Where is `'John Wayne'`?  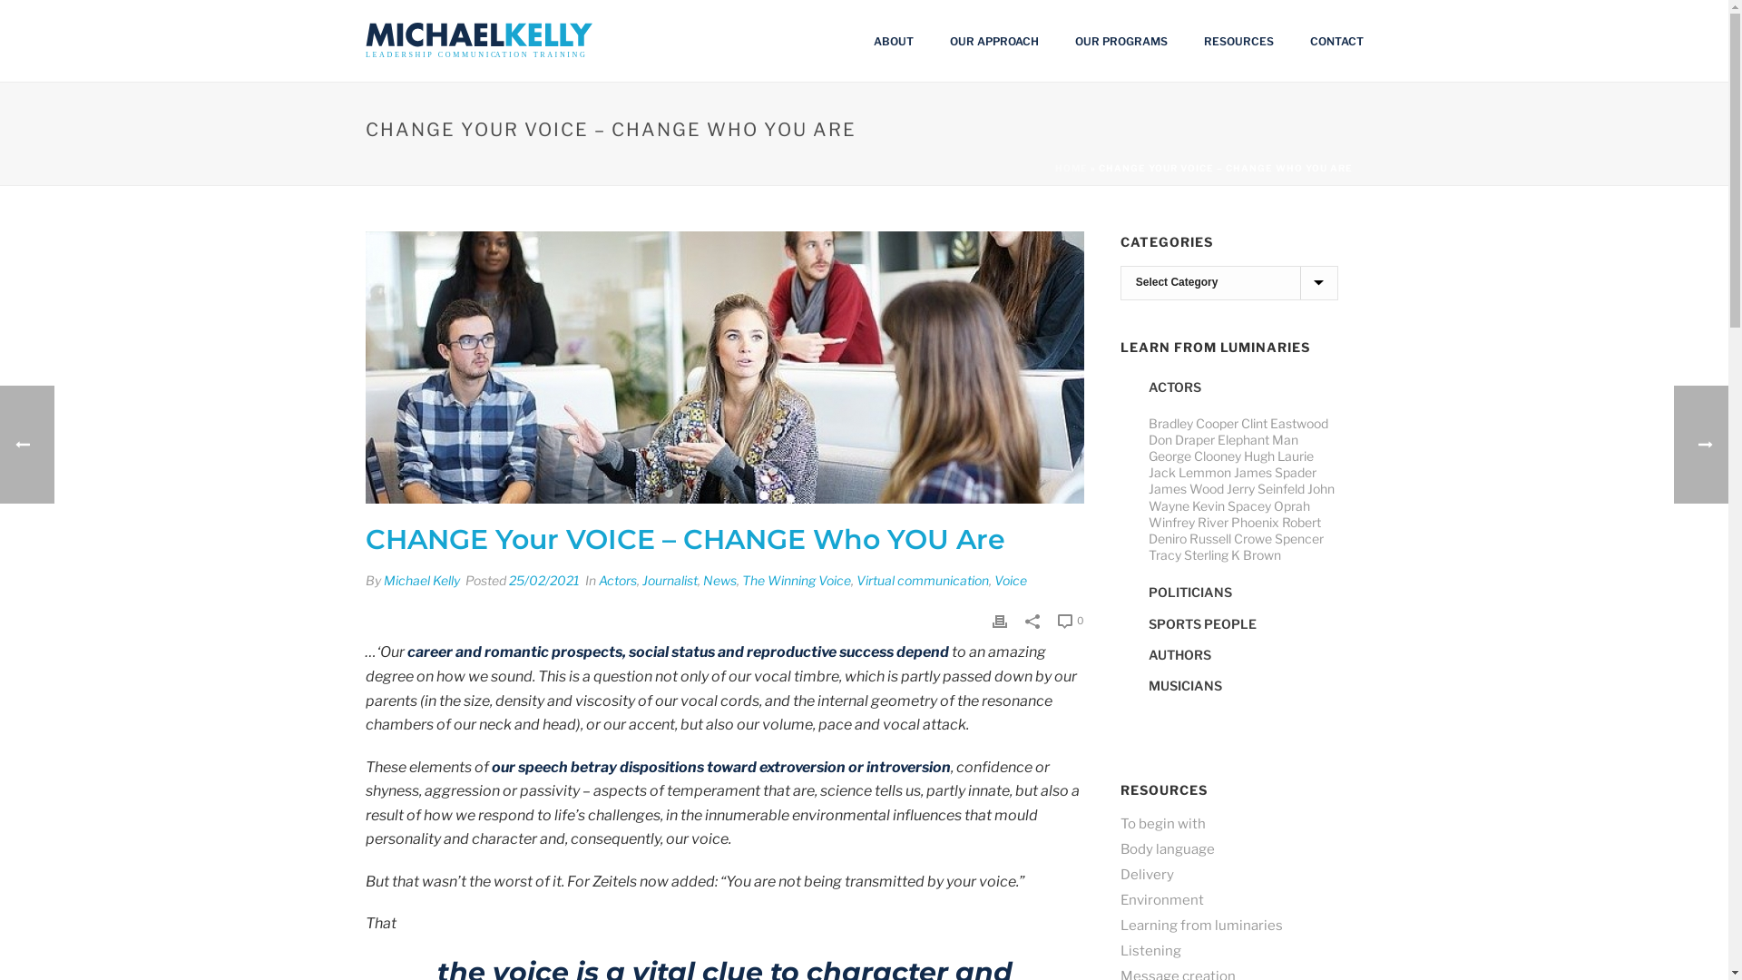 'John Wayne' is located at coordinates (1240, 496).